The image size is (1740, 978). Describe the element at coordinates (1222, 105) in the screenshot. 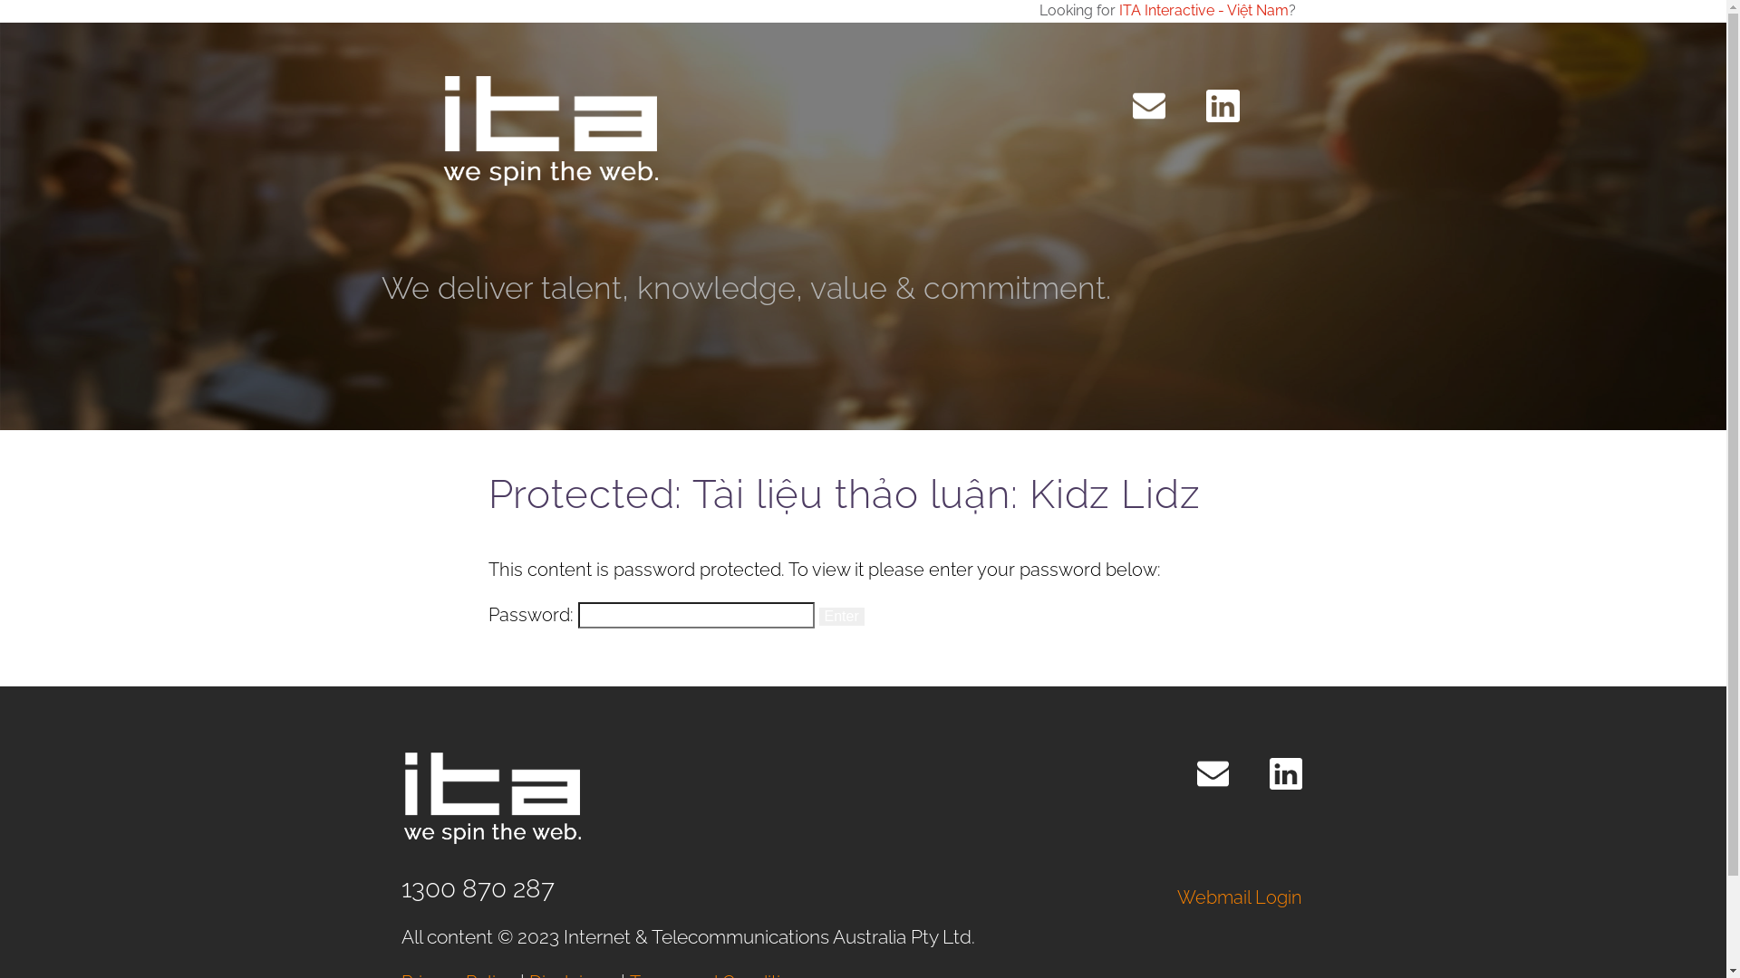

I see `'visit ita at linkedin'` at that location.